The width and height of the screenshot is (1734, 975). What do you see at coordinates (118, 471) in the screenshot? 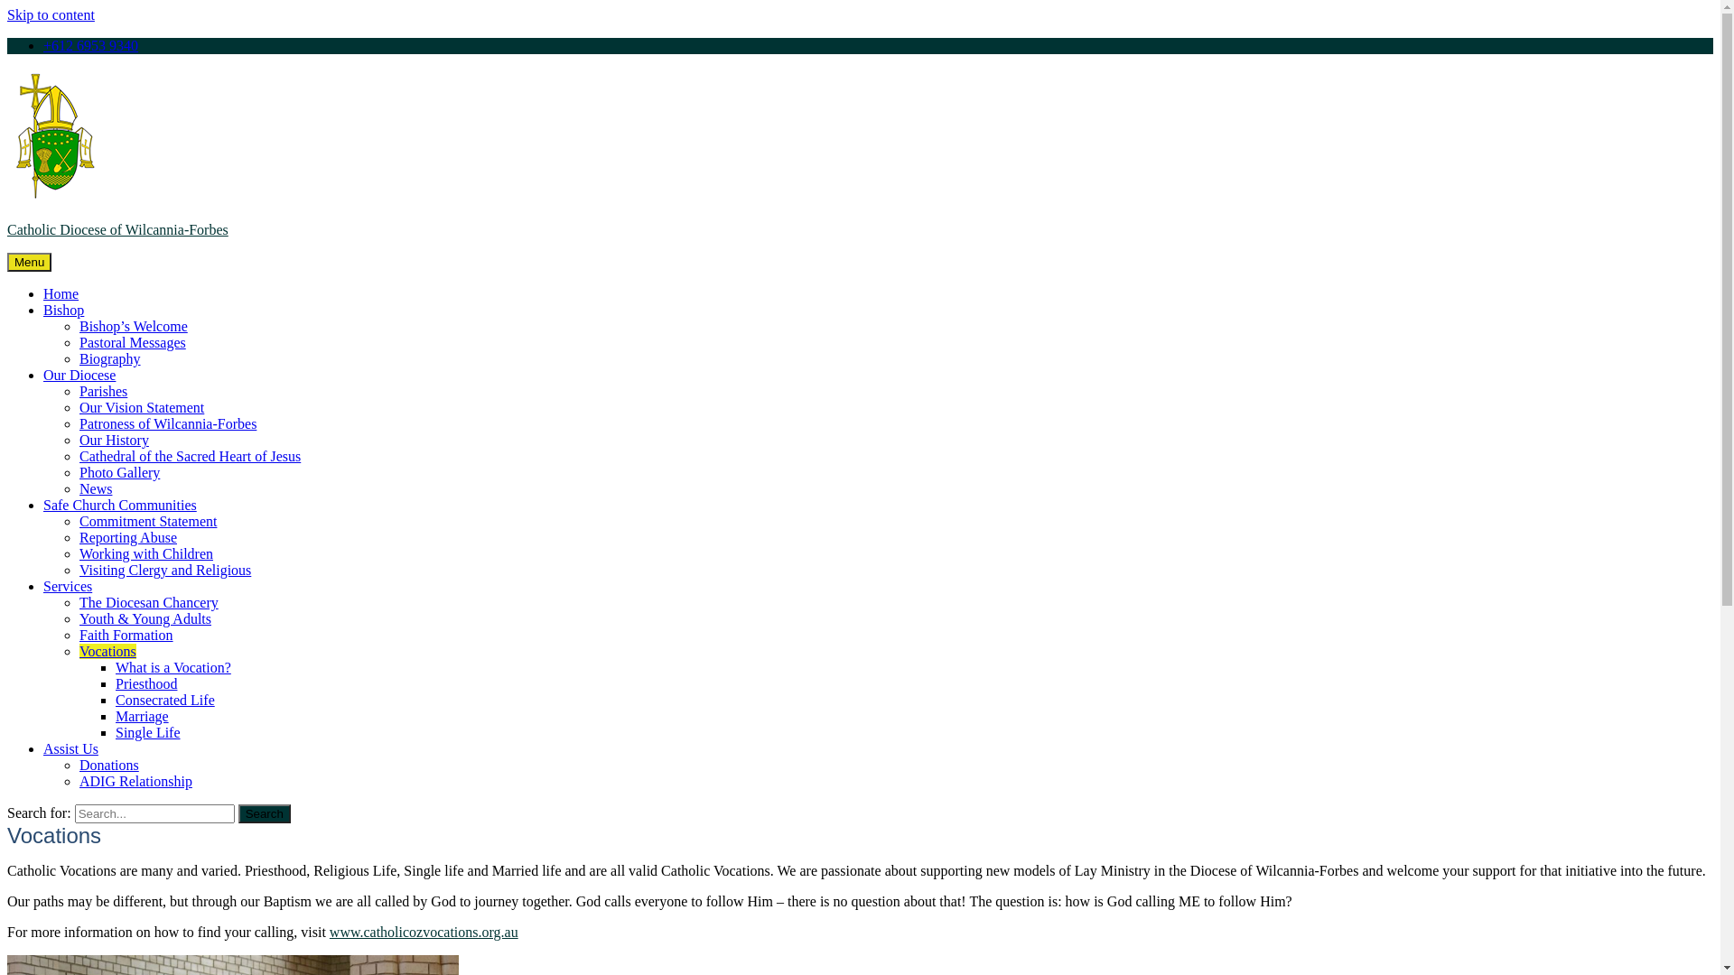
I see `'Photo Gallery'` at bounding box center [118, 471].